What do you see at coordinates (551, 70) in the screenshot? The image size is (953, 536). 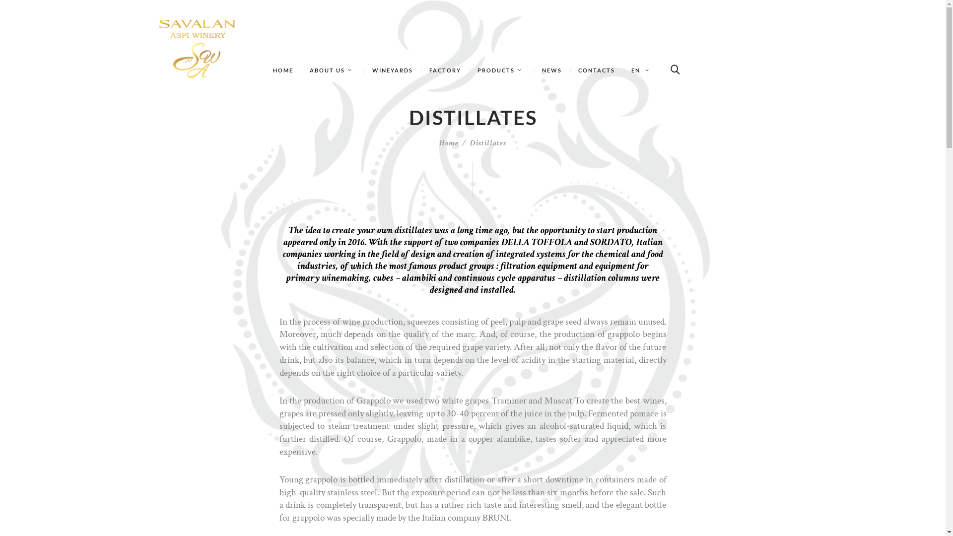 I see `'NEWS'` at bounding box center [551, 70].